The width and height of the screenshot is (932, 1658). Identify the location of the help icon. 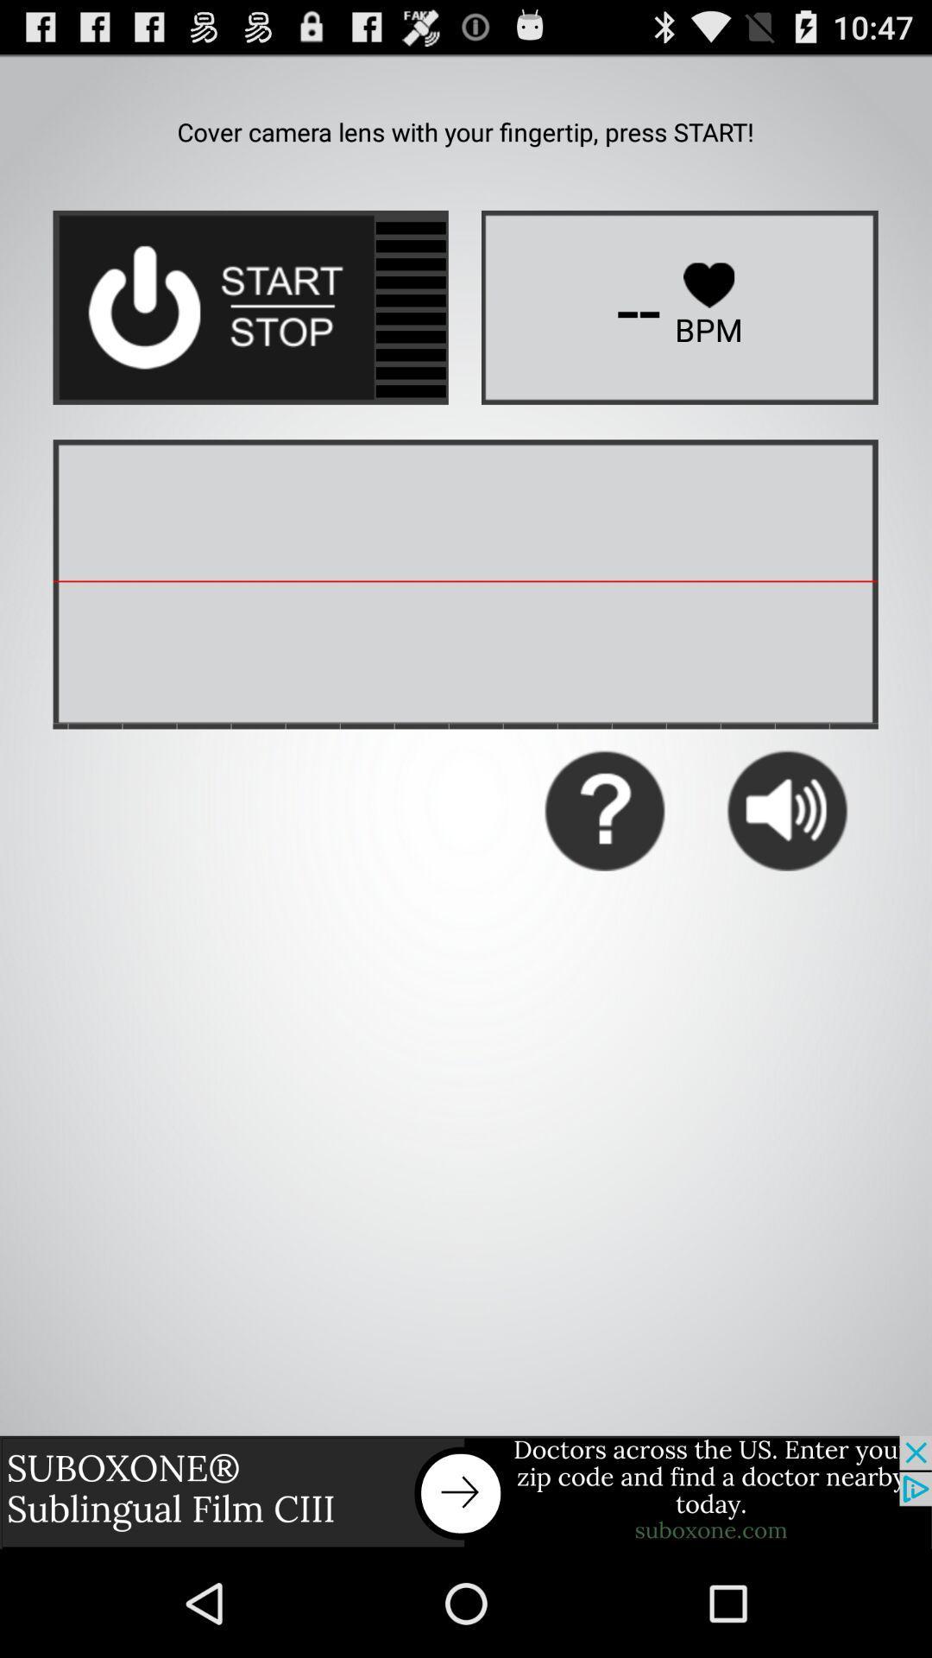
(603, 867).